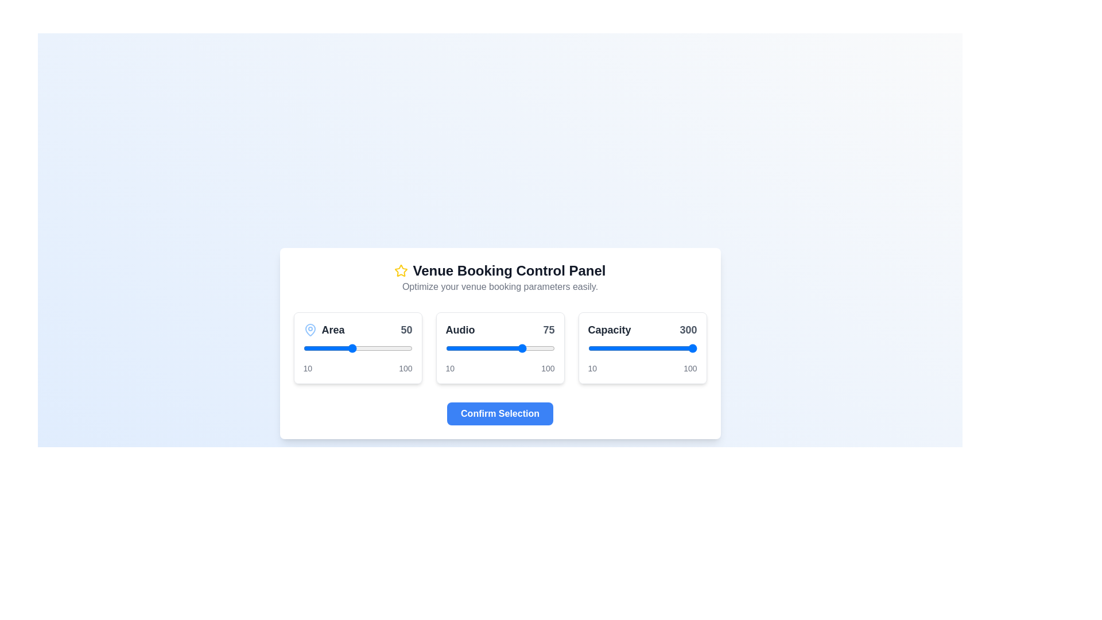  What do you see at coordinates (642, 347) in the screenshot?
I see `displayed capacity value of '300' and the range labels '10' and '100' from the interactive slider component titled 'Capacity', located on the rightmost side of the three similar elements` at bounding box center [642, 347].